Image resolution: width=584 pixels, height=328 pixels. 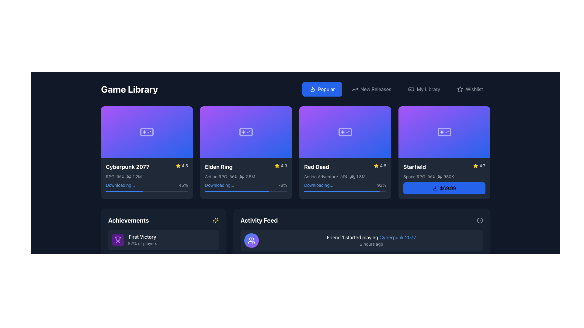 What do you see at coordinates (444, 176) in the screenshot?
I see `the Text Description indicating 'Space RPG' and '950K' players, located above the blue price button in the 'Starfield' card in the fourth column of the 'Game Library'` at bounding box center [444, 176].